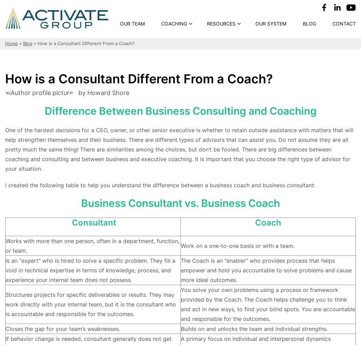 This screenshot has width=361, height=345. What do you see at coordinates (207, 23) in the screenshot?
I see `'Resources'` at bounding box center [207, 23].